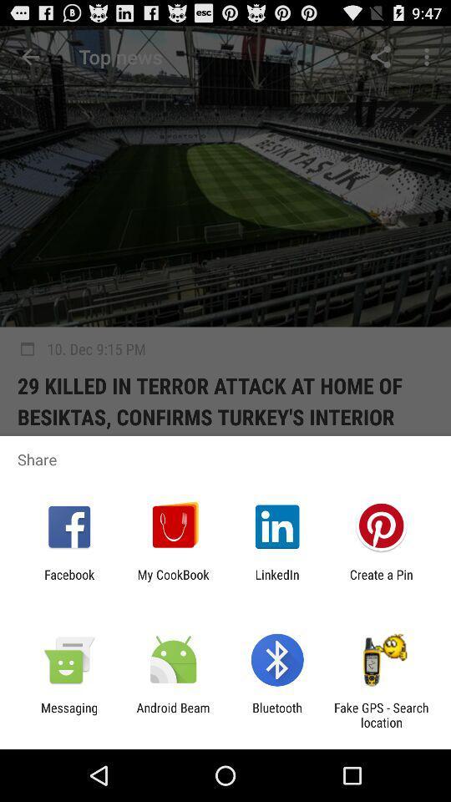  I want to click on the bluetooth, so click(277, 714).